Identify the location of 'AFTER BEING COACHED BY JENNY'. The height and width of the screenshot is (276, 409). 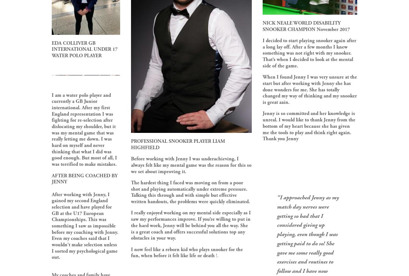
(85, 178).